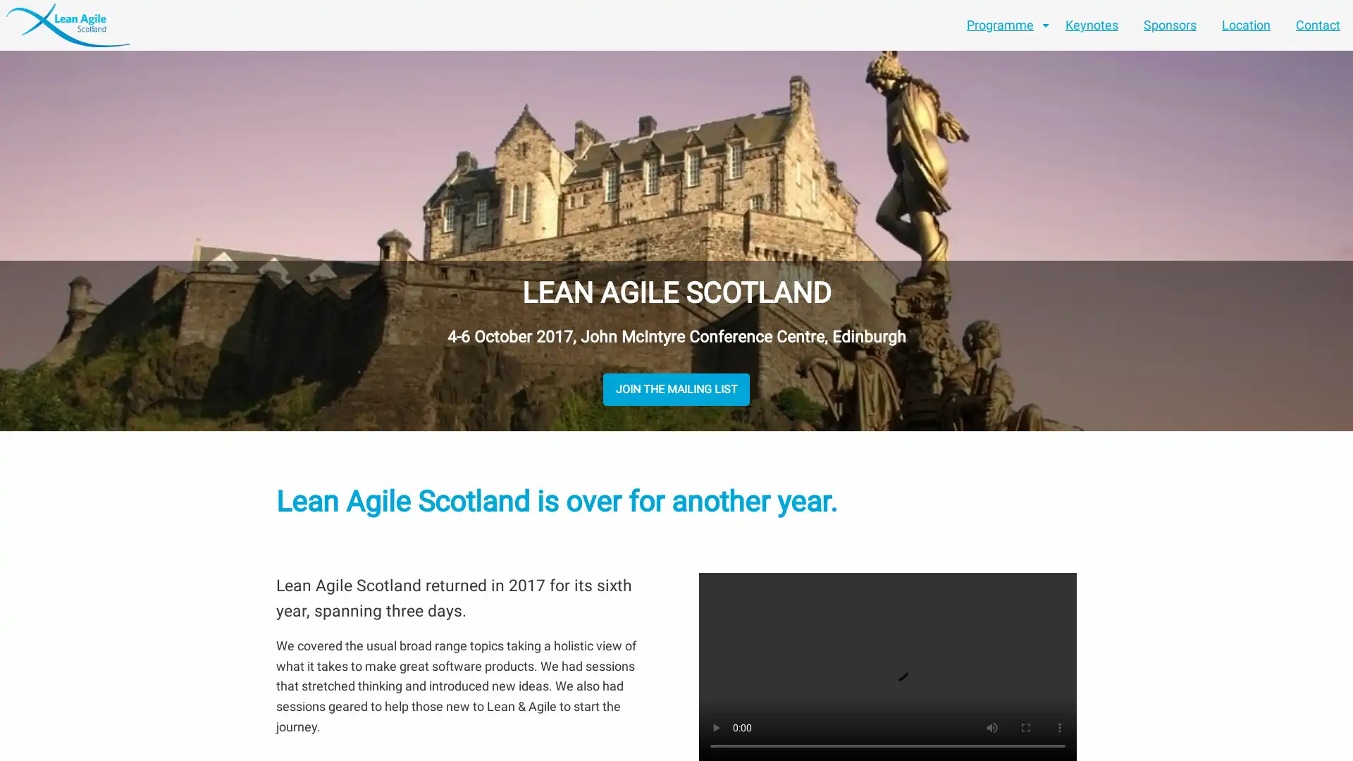 This screenshot has width=1353, height=761. What do you see at coordinates (1025, 727) in the screenshot?
I see `enter full screen` at bounding box center [1025, 727].